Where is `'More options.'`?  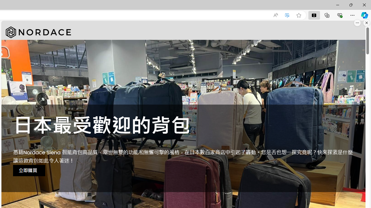 'More options.' is located at coordinates (357, 23).